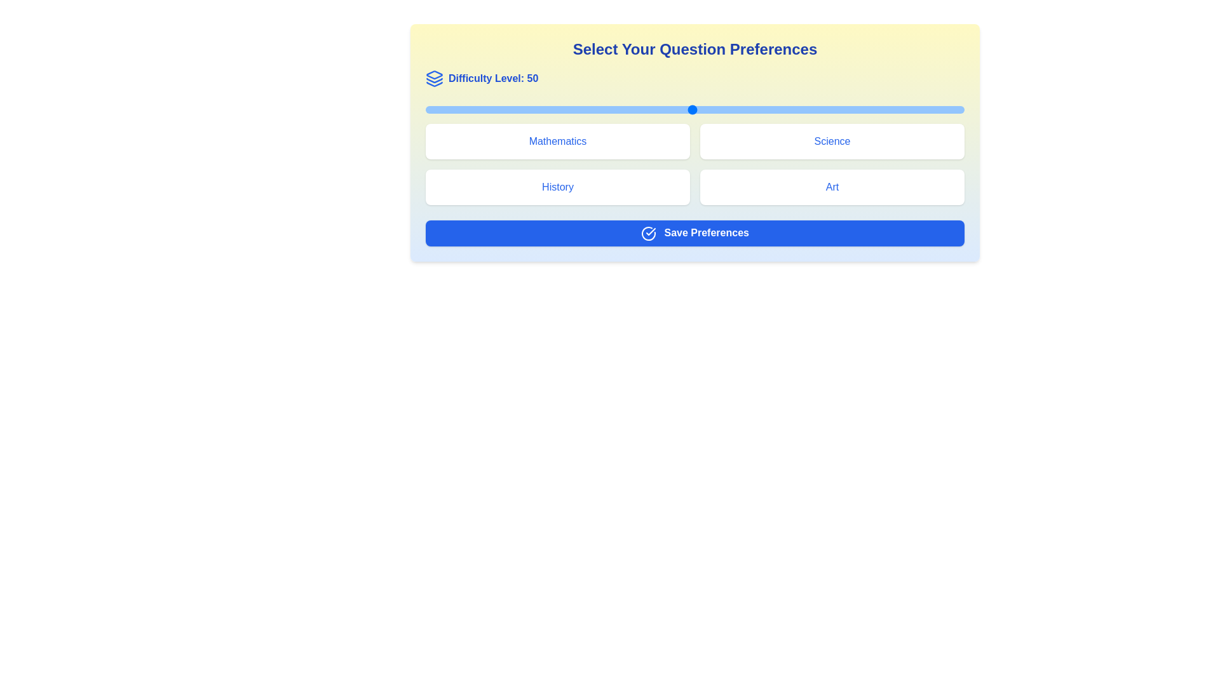 The width and height of the screenshot is (1220, 686). What do you see at coordinates (558, 187) in the screenshot?
I see `the category History to select it` at bounding box center [558, 187].